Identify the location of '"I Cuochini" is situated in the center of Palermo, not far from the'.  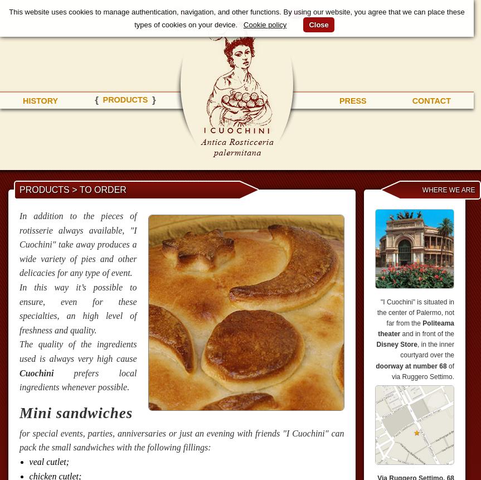
(415, 311).